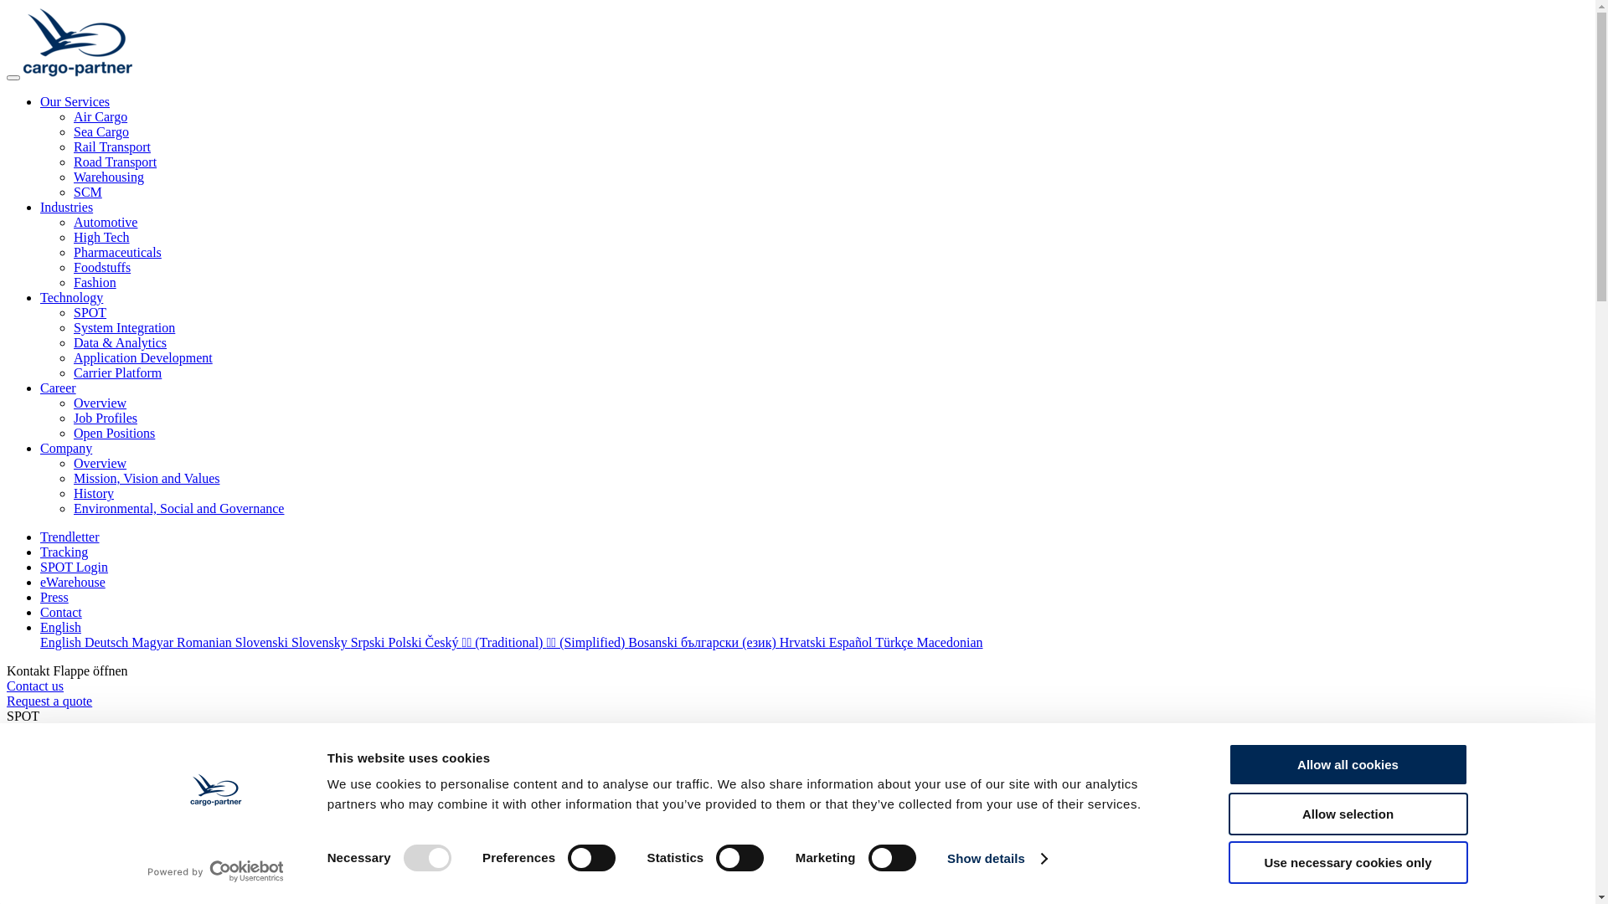 The image size is (1608, 904). Describe the element at coordinates (153, 641) in the screenshot. I see `'Magyar'` at that location.